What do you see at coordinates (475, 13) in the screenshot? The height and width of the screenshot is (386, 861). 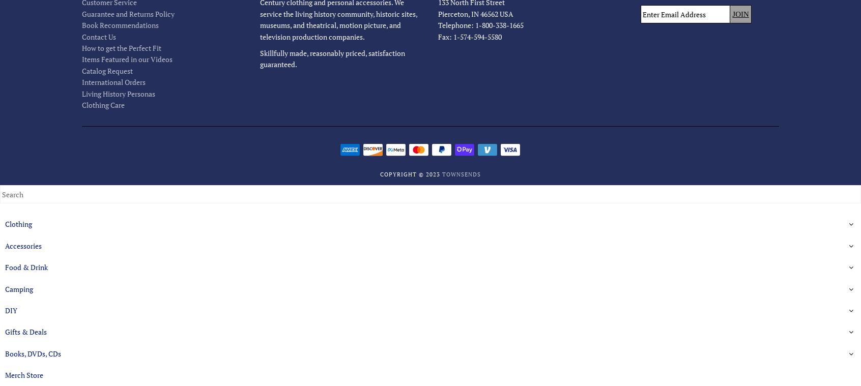 I see `'Pierceton, IN 46562 USA'` at bounding box center [475, 13].